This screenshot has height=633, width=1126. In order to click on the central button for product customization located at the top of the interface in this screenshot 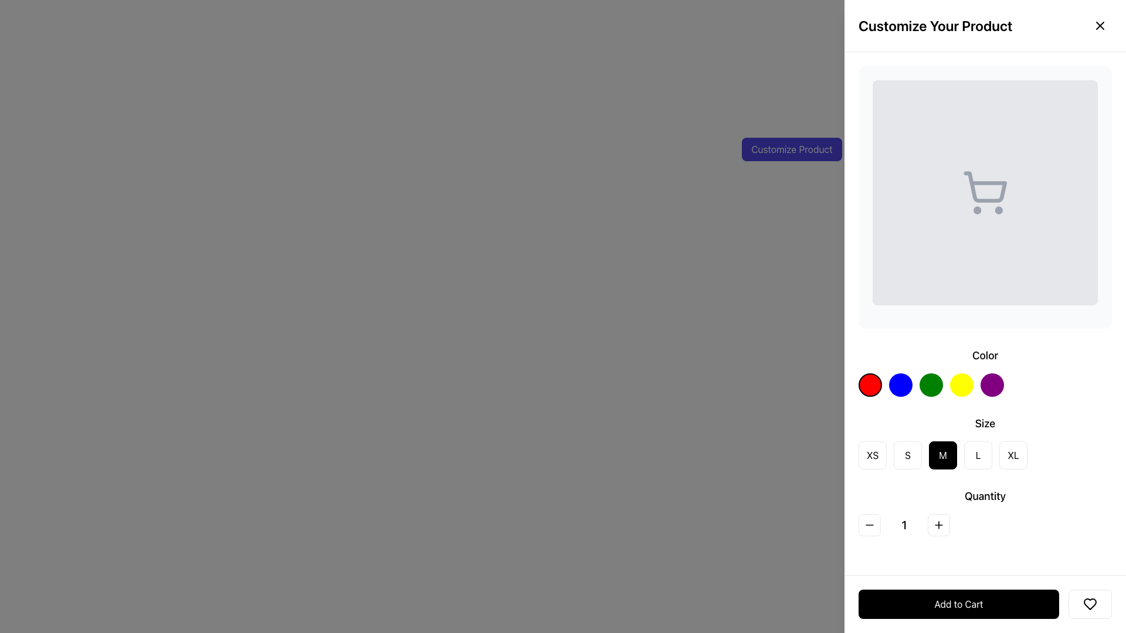, I will do `click(792, 148)`.